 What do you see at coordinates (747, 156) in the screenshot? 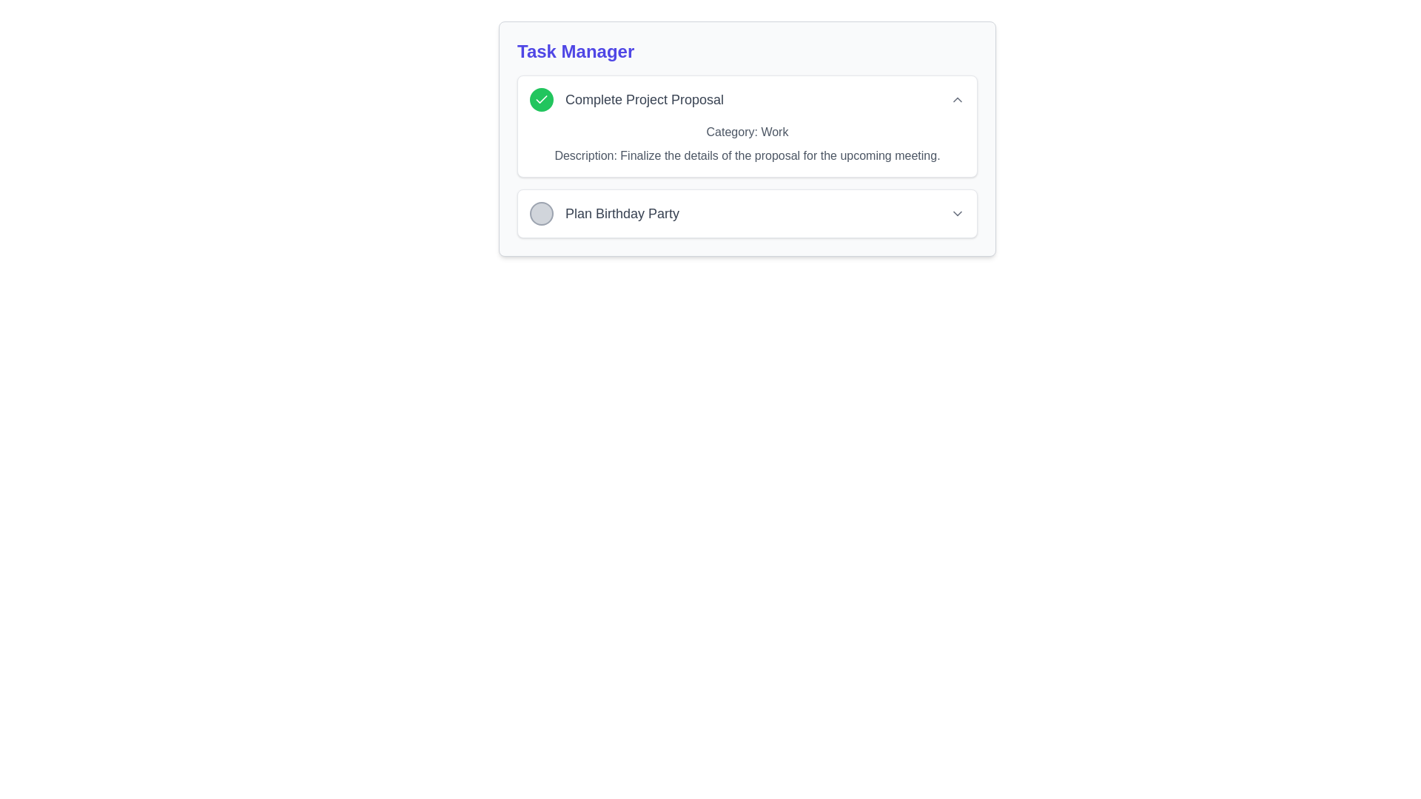
I see `the text label that contains the description 'Finalize the details of the proposal for the upcoming meeting.' located under the 'Category: Work' label in the 'Complete Project Proposal' task card` at bounding box center [747, 156].